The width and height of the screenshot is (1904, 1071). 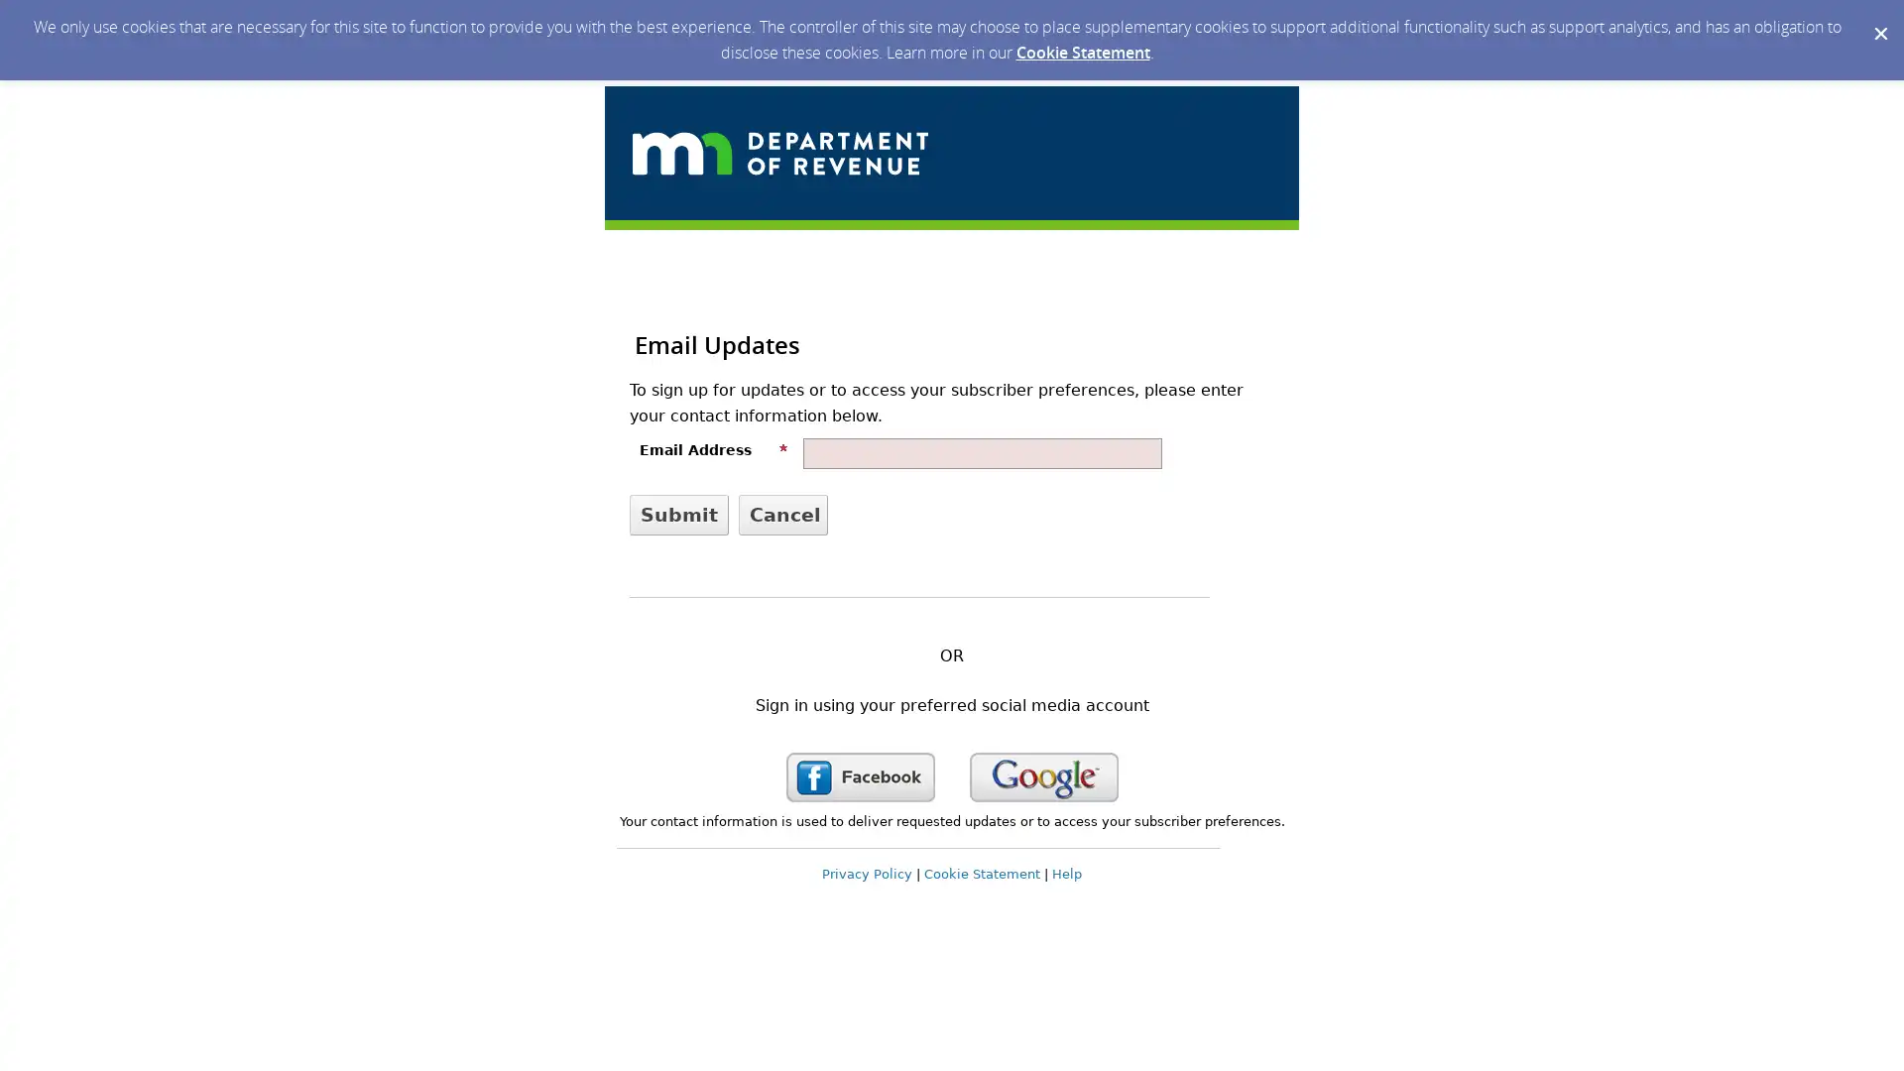 I want to click on Submit, so click(x=679, y=514).